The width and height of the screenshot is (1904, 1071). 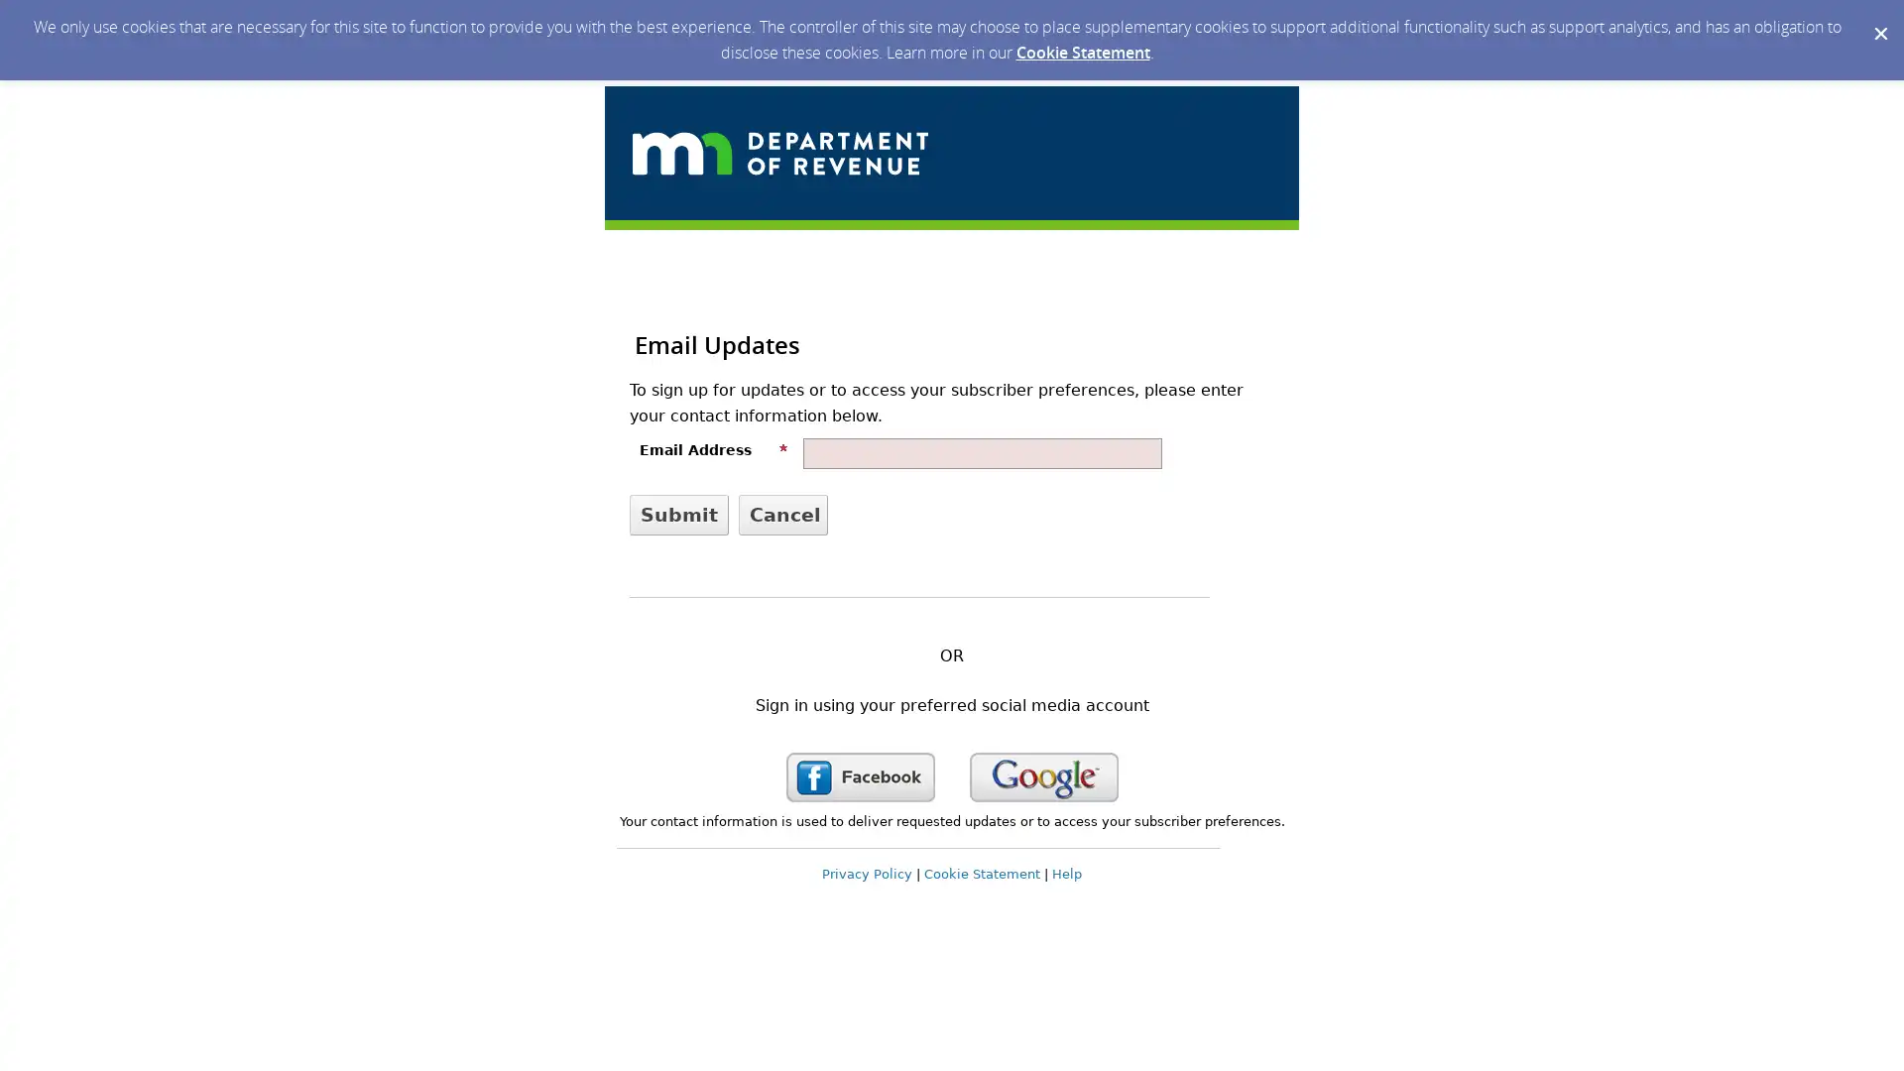 I want to click on Submit, so click(x=679, y=514).